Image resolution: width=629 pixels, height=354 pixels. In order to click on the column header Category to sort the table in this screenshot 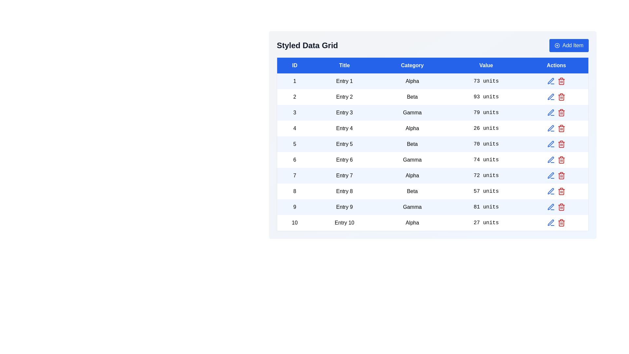, I will do `click(412, 65)`.